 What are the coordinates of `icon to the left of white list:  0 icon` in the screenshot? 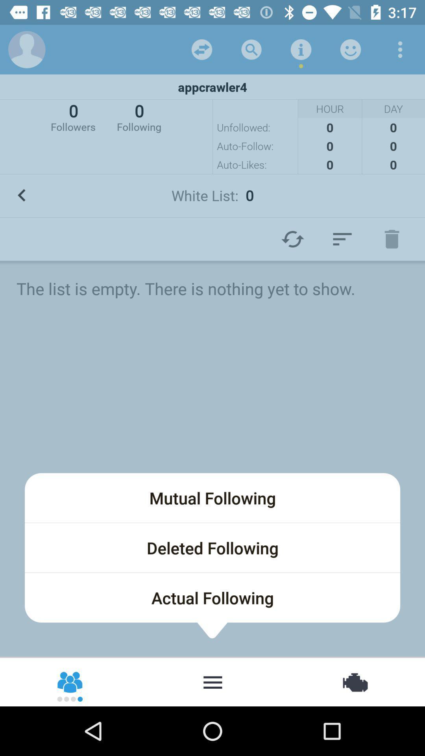 It's located at (21, 195).